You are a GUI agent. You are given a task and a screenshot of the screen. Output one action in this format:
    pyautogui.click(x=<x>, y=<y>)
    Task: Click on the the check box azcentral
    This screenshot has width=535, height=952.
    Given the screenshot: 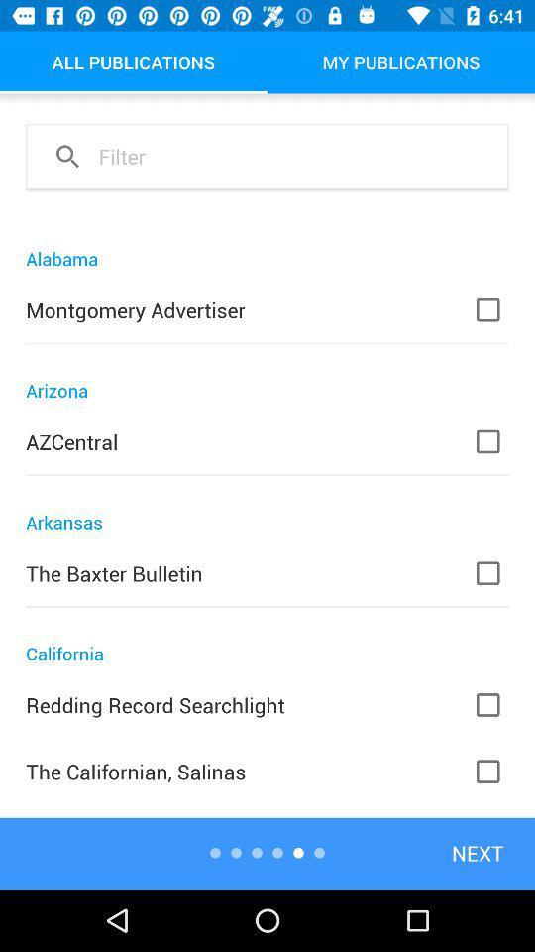 What is the action you would take?
    pyautogui.click(x=499, y=442)
    